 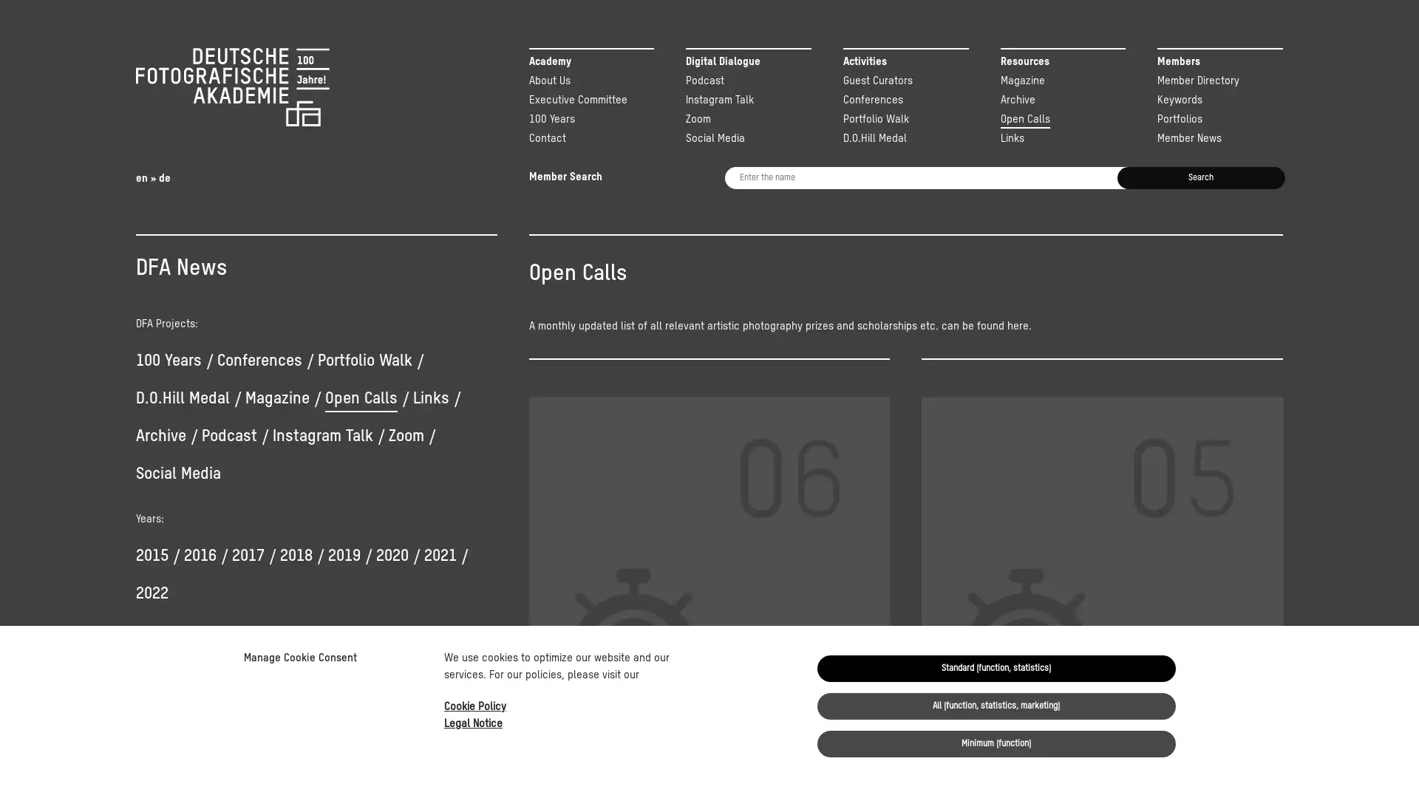 What do you see at coordinates (361, 399) in the screenshot?
I see `Open Calls` at bounding box center [361, 399].